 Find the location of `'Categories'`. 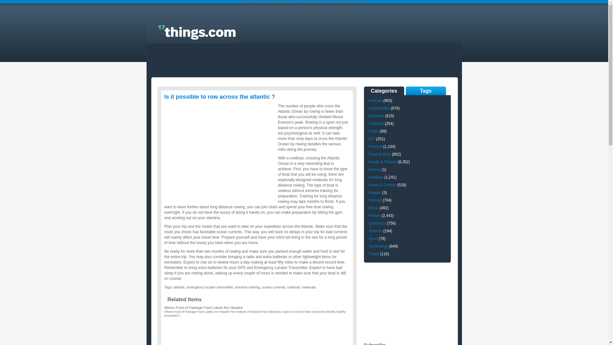

'Categories' is located at coordinates (384, 91).